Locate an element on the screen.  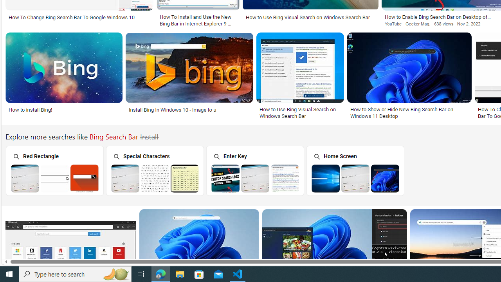
'Red Rectangle Bing Search Bar Red Rectangle' is located at coordinates (54, 170).